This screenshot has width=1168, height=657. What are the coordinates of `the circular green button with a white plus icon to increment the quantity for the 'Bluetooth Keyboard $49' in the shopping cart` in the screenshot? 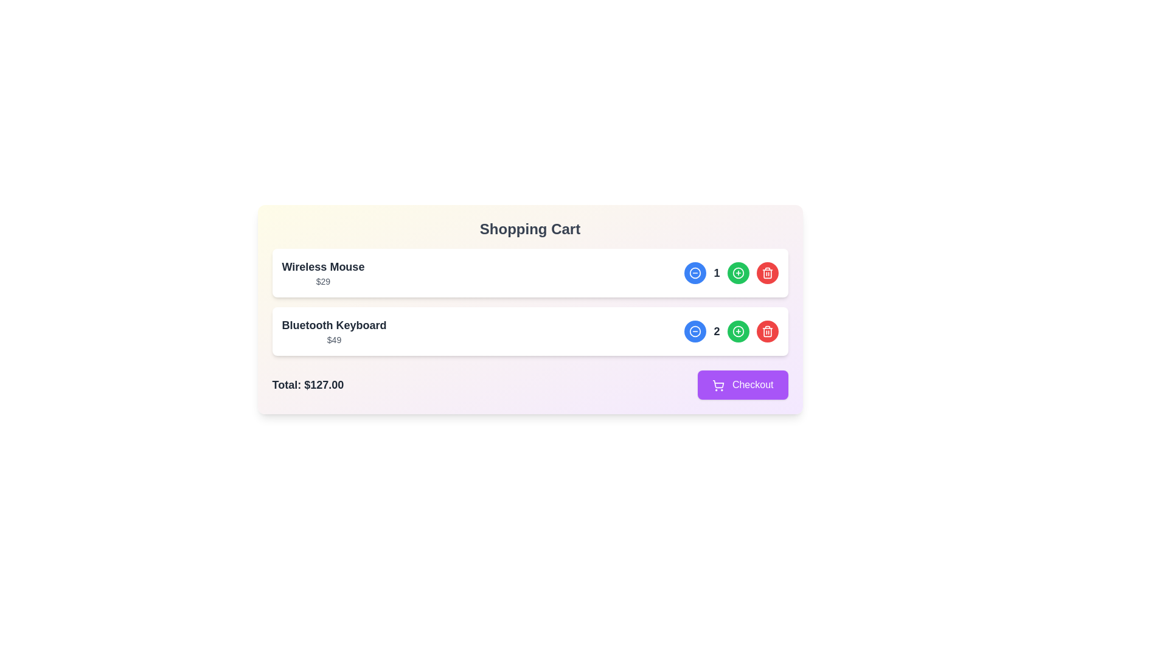 It's located at (737, 331).